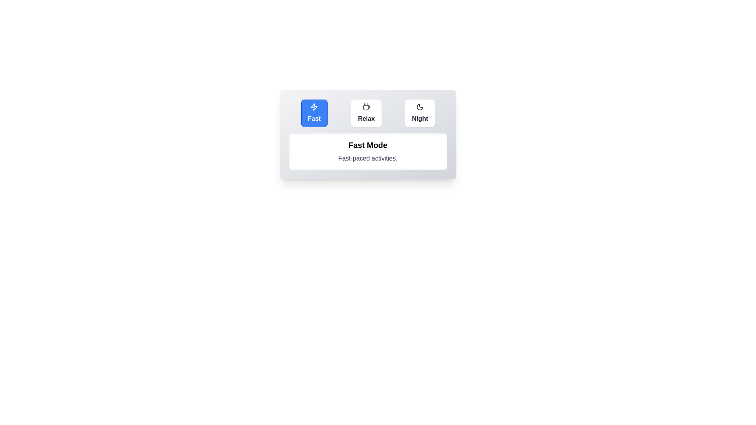  I want to click on the crescent moon-shaped icon representing the 'Night' selection in the mode options, so click(419, 107).